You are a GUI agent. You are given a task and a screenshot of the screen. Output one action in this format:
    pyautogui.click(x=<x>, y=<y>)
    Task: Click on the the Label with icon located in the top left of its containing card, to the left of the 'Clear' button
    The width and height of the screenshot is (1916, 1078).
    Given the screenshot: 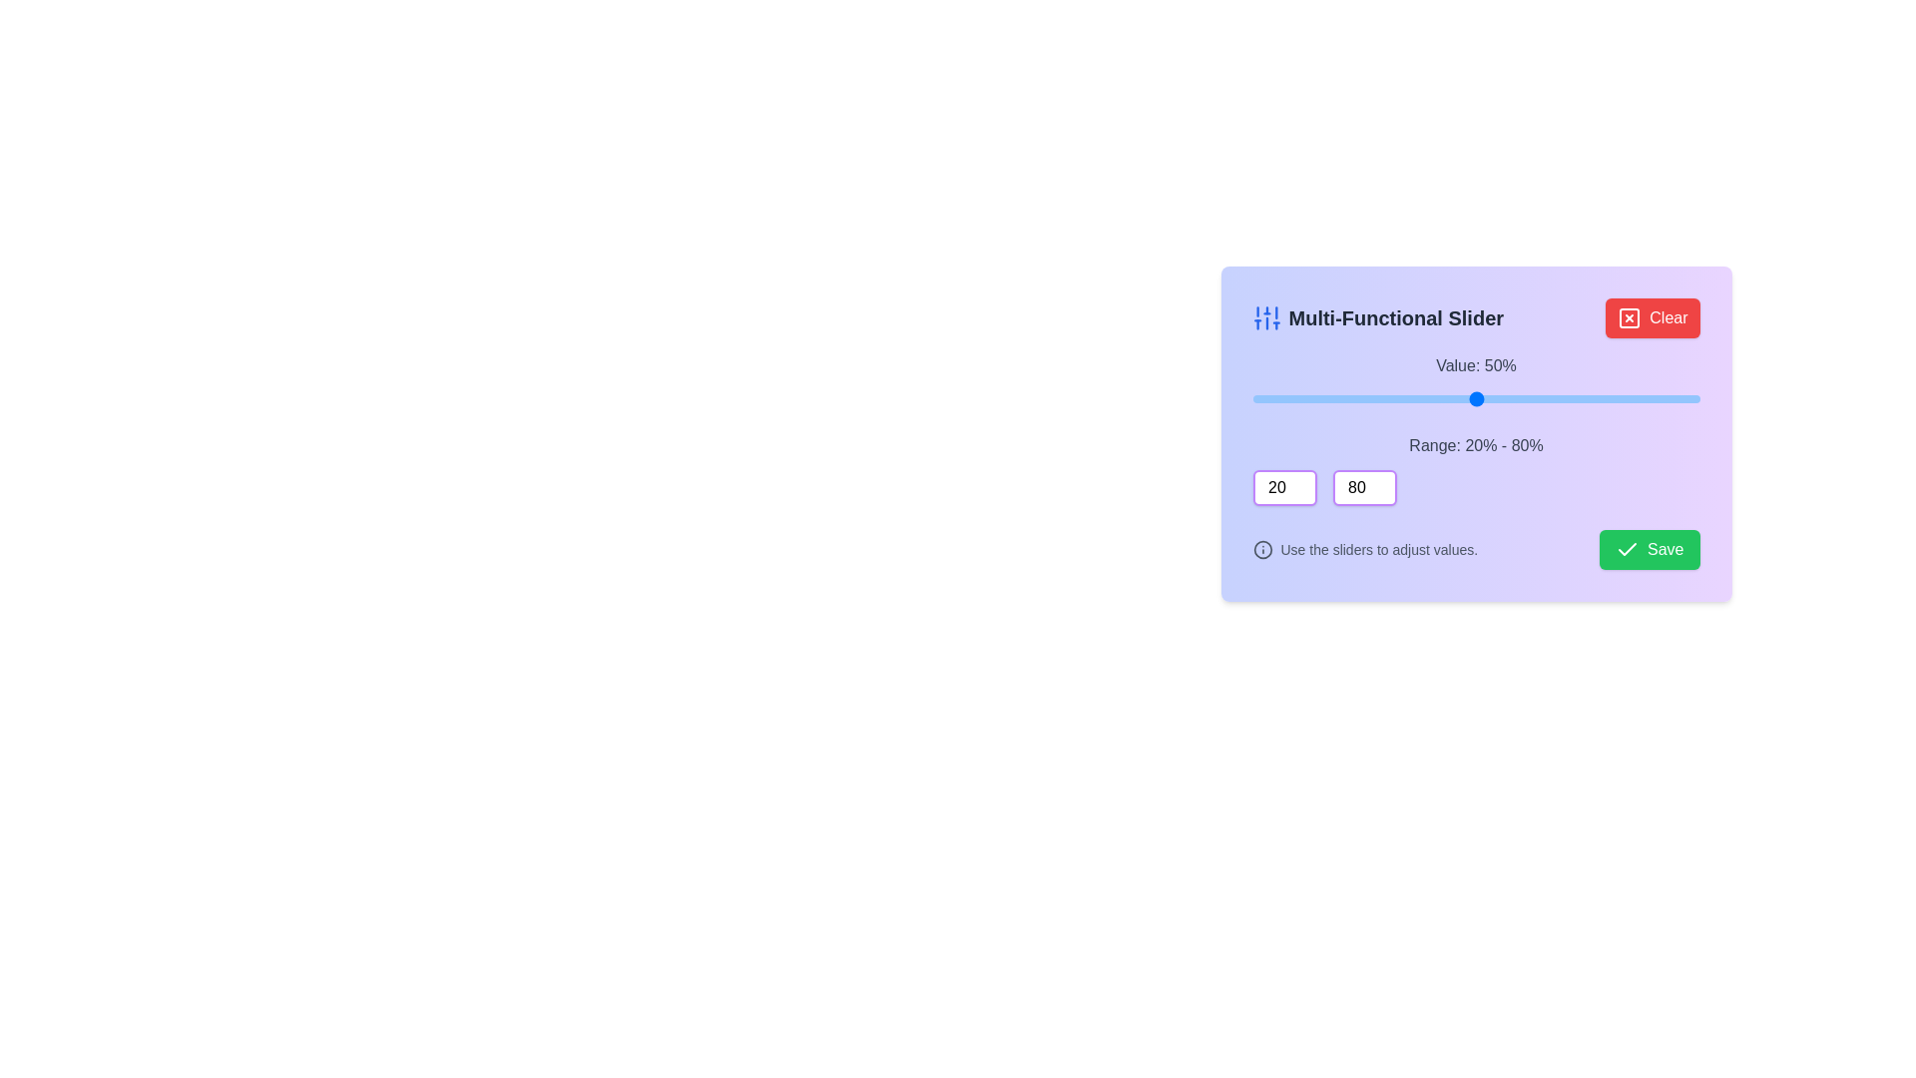 What is the action you would take?
    pyautogui.click(x=1377, y=317)
    